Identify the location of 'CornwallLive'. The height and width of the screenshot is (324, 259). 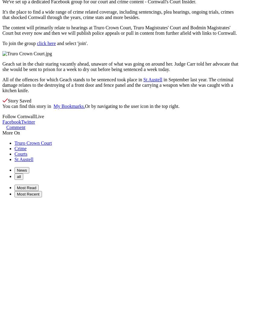
(17, 116).